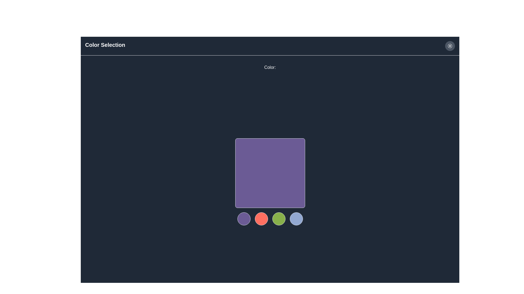 The image size is (524, 294). Describe the element at coordinates (279, 218) in the screenshot. I see `the third circular button located near the bottom center of the interface` at that location.